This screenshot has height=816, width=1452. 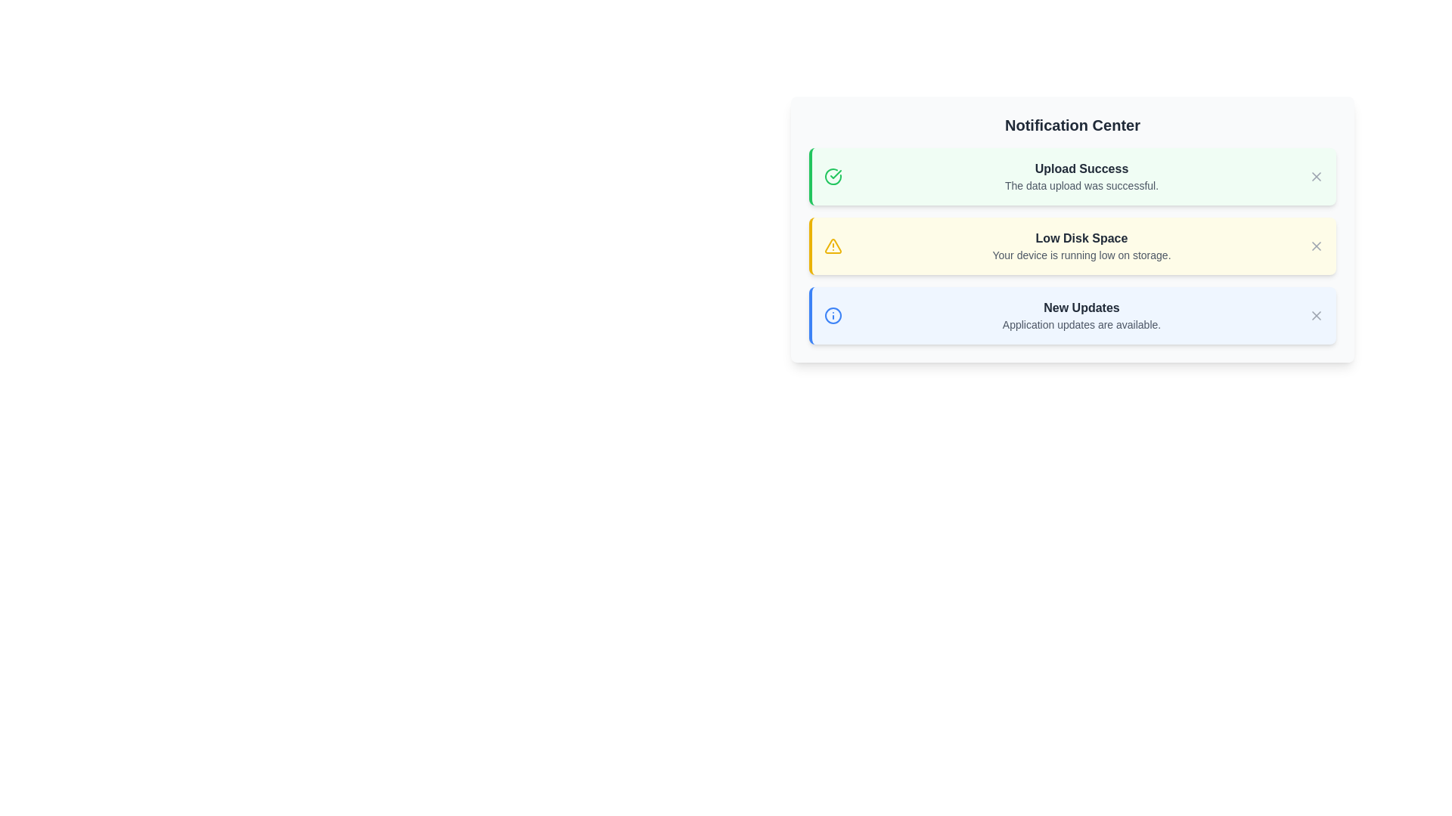 What do you see at coordinates (1081, 246) in the screenshot?
I see `the text block that displays the low storage space warning in the Notification Center, located between the 'Upload Success' and 'New Updates' notifications` at bounding box center [1081, 246].